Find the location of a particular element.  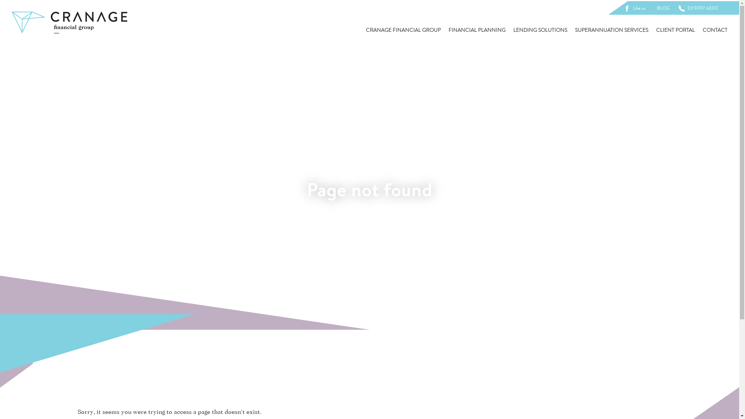

'03 9097 6000' is located at coordinates (700, 8).